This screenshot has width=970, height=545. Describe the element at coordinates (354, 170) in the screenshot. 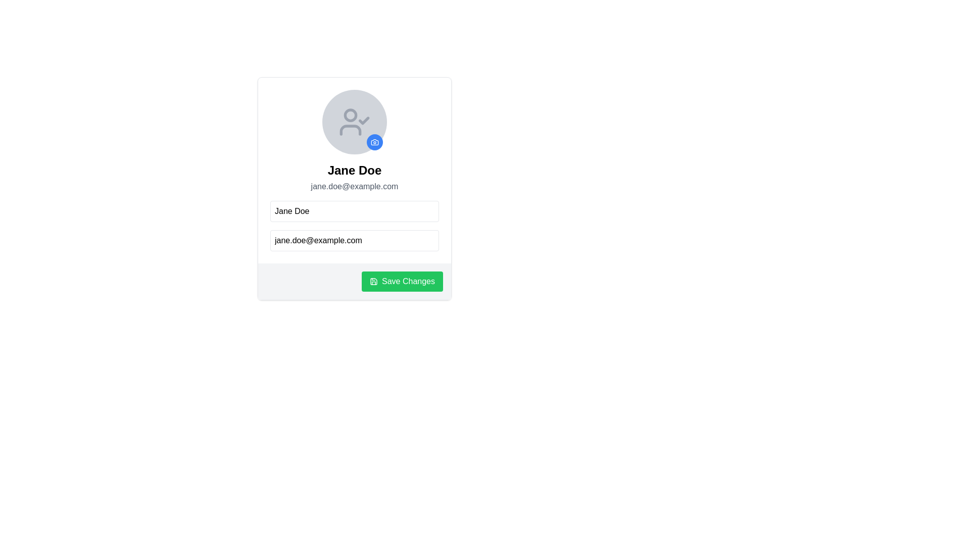

I see `the Text label that displays the name of the individual or entity, positioned above the email text 'jane.doe@example.com' and beneath the graphical avatar icon` at that location.